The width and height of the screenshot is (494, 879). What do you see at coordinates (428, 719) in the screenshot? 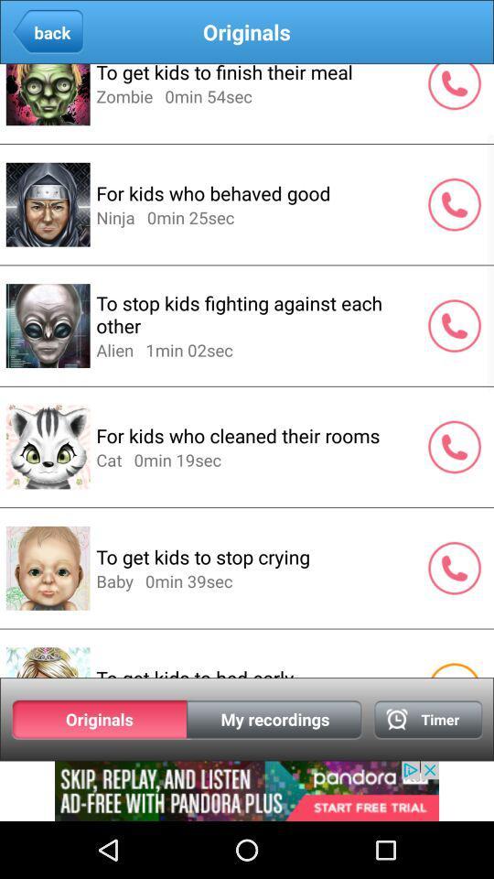
I see `timer option` at bounding box center [428, 719].